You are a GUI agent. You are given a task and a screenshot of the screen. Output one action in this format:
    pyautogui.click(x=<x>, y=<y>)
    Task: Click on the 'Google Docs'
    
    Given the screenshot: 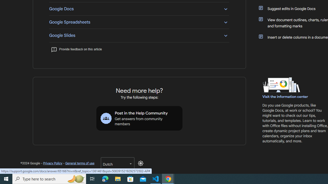 What is the action you would take?
    pyautogui.click(x=139, y=9)
    